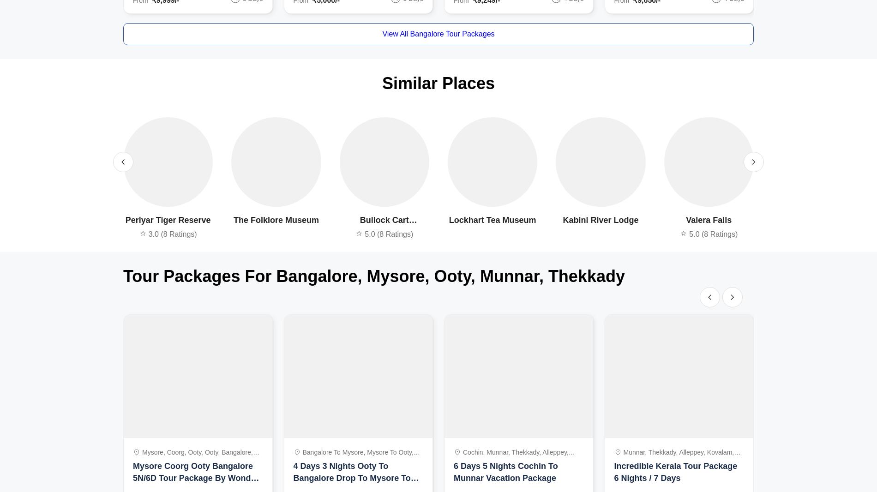  What do you see at coordinates (675, 472) in the screenshot?
I see `'Incredible Kerala Tour Package  6 Nights / 7 Days'` at bounding box center [675, 472].